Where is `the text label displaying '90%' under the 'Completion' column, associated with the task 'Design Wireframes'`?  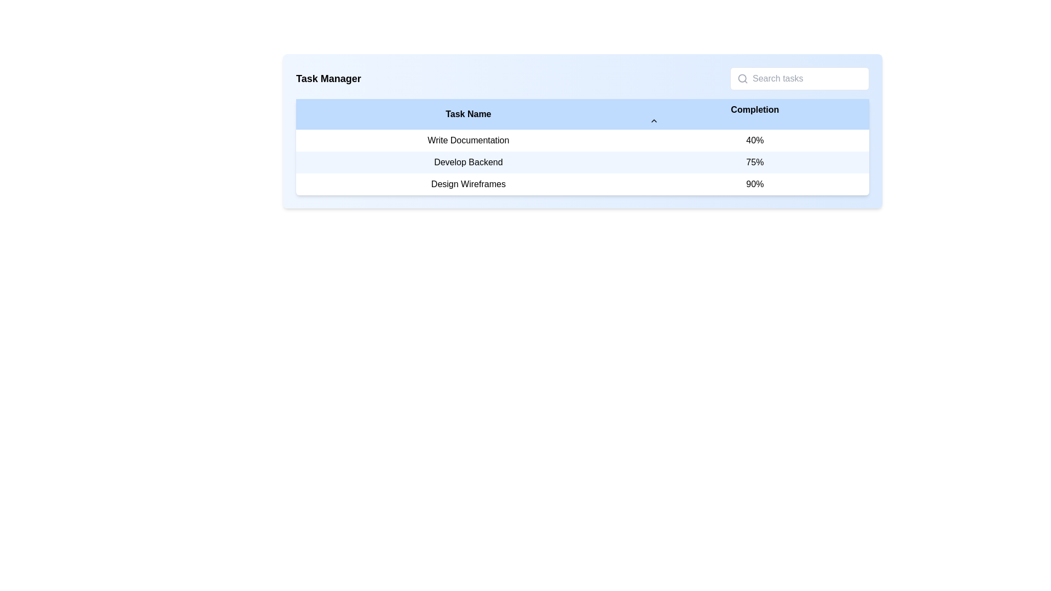 the text label displaying '90%' under the 'Completion' column, associated with the task 'Design Wireframes' is located at coordinates (754, 183).